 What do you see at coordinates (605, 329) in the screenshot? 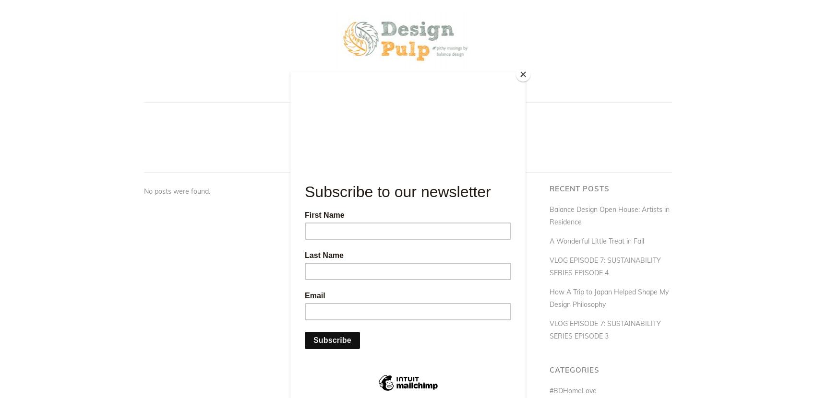
I see `'VLOG EPISODE 7: SUSTAINABILITY SERIES EPISODE 3'` at bounding box center [605, 329].